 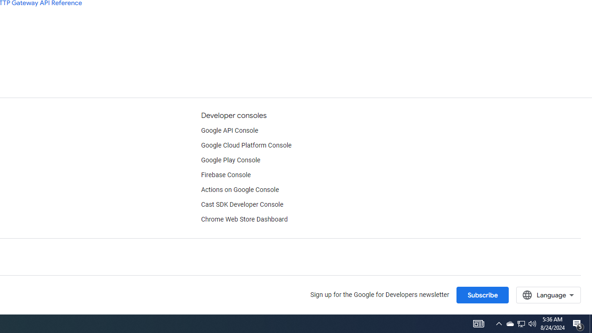 I want to click on 'Firebase Console', so click(x=226, y=175).